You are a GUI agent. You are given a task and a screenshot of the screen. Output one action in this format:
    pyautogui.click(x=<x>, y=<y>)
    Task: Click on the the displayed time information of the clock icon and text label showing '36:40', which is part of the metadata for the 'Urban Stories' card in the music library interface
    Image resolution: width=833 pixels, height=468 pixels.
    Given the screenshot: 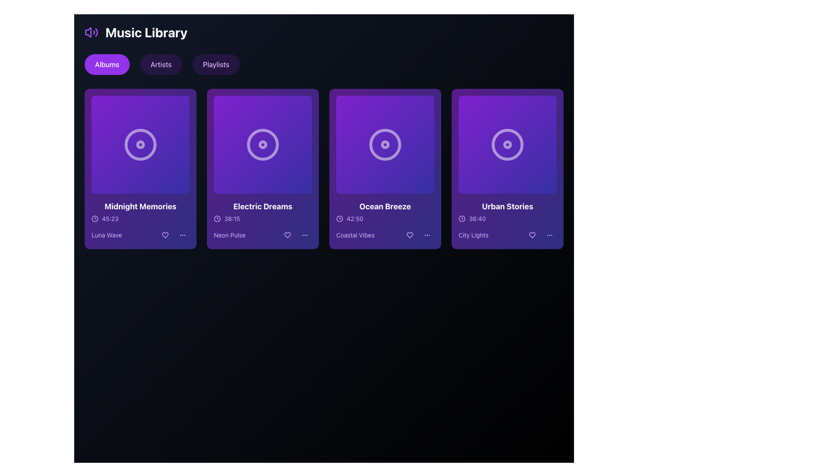 What is the action you would take?
    pyautogui.click(x=508, y=218)
    